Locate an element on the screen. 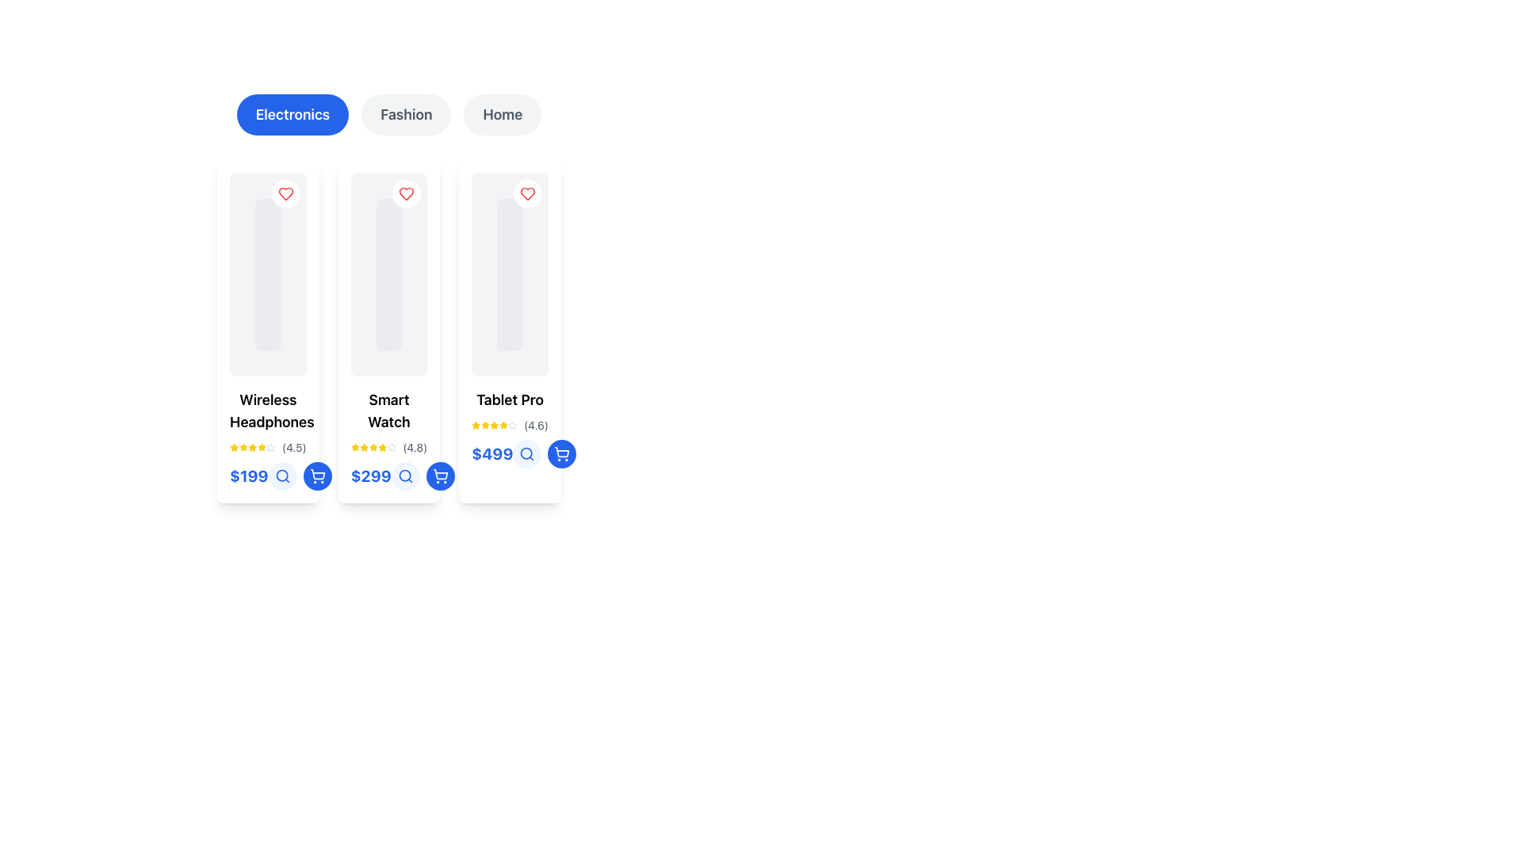 Image resolution: width=1522 pixels, height=856 pixels. the fourth star-shaped icon with a yellow fill in the rating system for the 'Tablet Pro' product, located directly below the product name and above the price is located at coordinates (494, 424).